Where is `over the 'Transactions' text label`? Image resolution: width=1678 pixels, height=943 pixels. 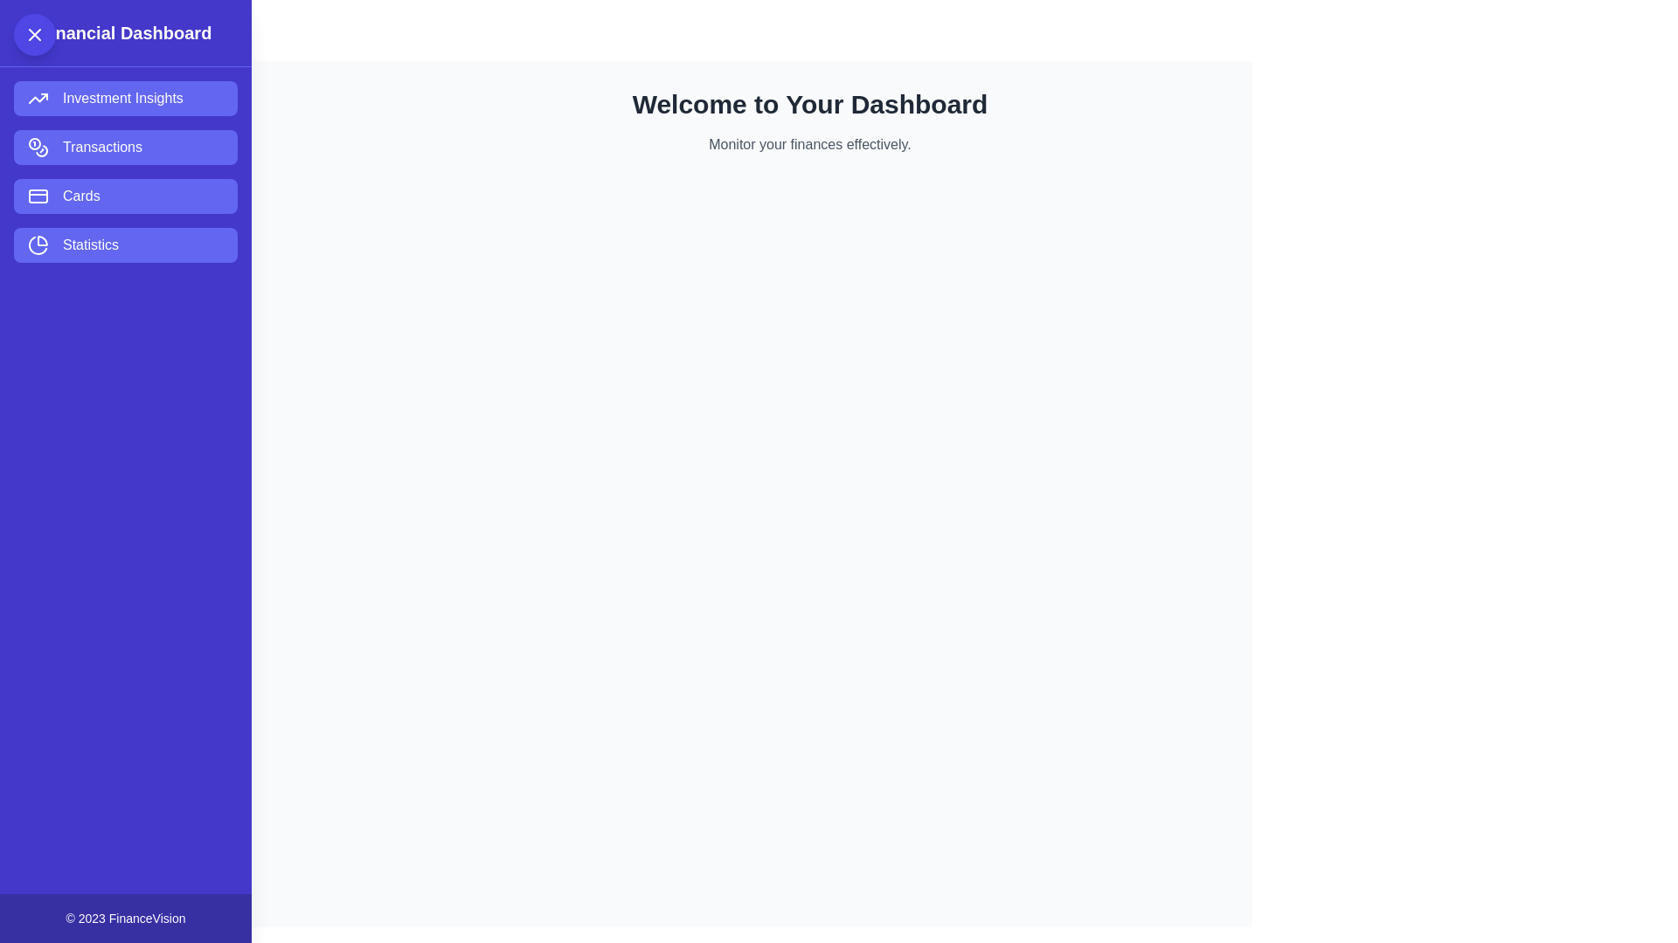
over the 'Transactions' text label is located at coordinates (101, 147).